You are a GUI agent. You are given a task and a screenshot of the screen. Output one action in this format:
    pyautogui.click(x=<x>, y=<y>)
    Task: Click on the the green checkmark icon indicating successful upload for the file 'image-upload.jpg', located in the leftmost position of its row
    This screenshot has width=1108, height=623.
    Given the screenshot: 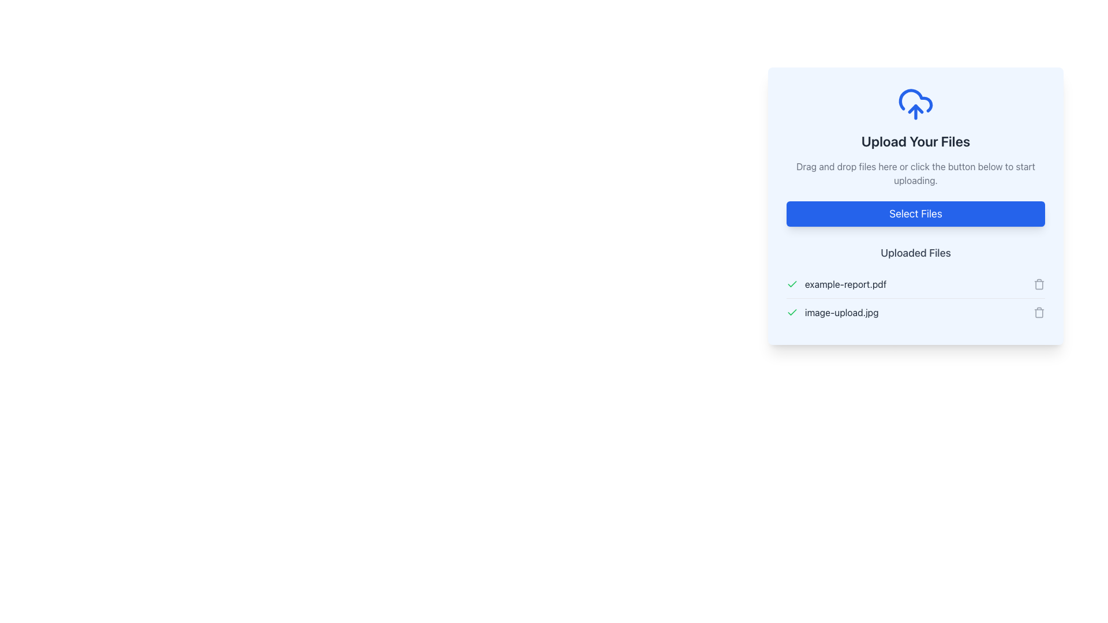 What is the action you would take?
    pyautogui.click(x=791, y=313)
    